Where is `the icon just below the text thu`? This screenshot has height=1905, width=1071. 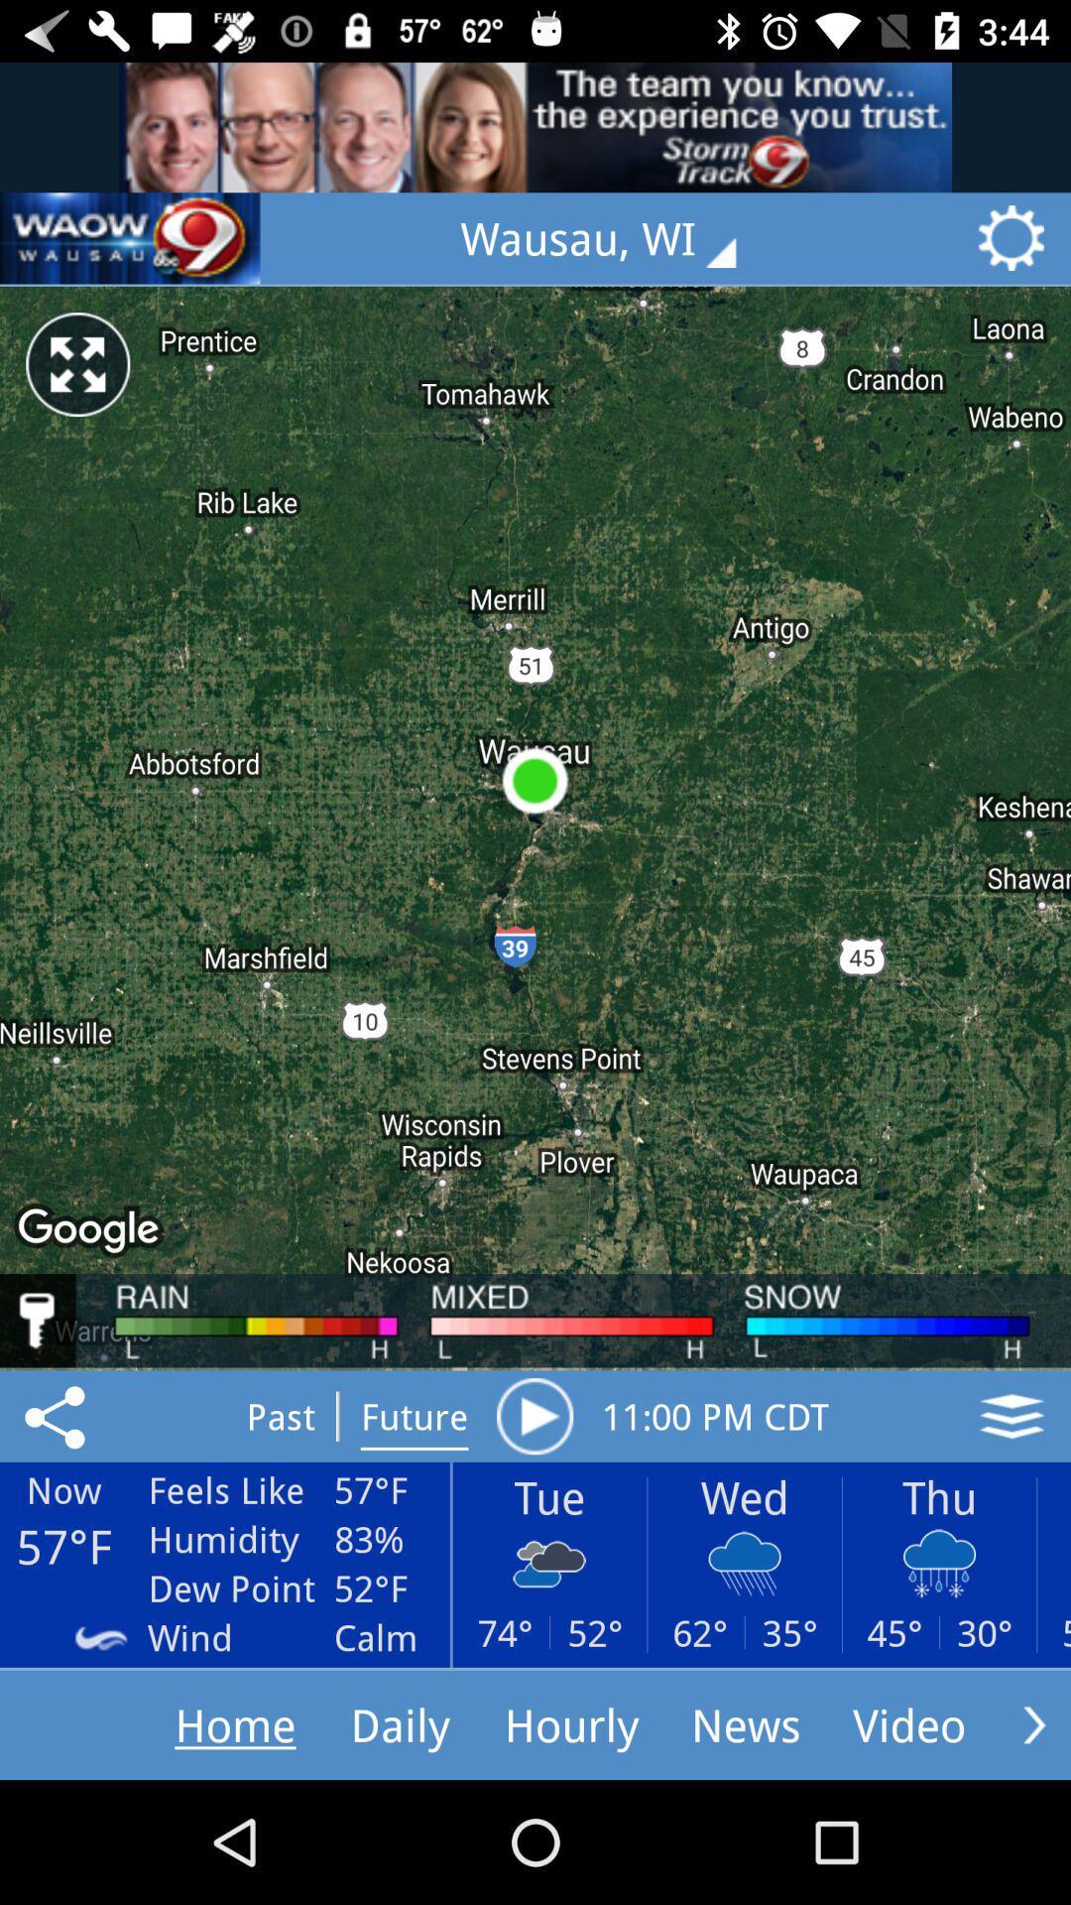 the icon just below the text thu is located at coordinates (938, 1562).